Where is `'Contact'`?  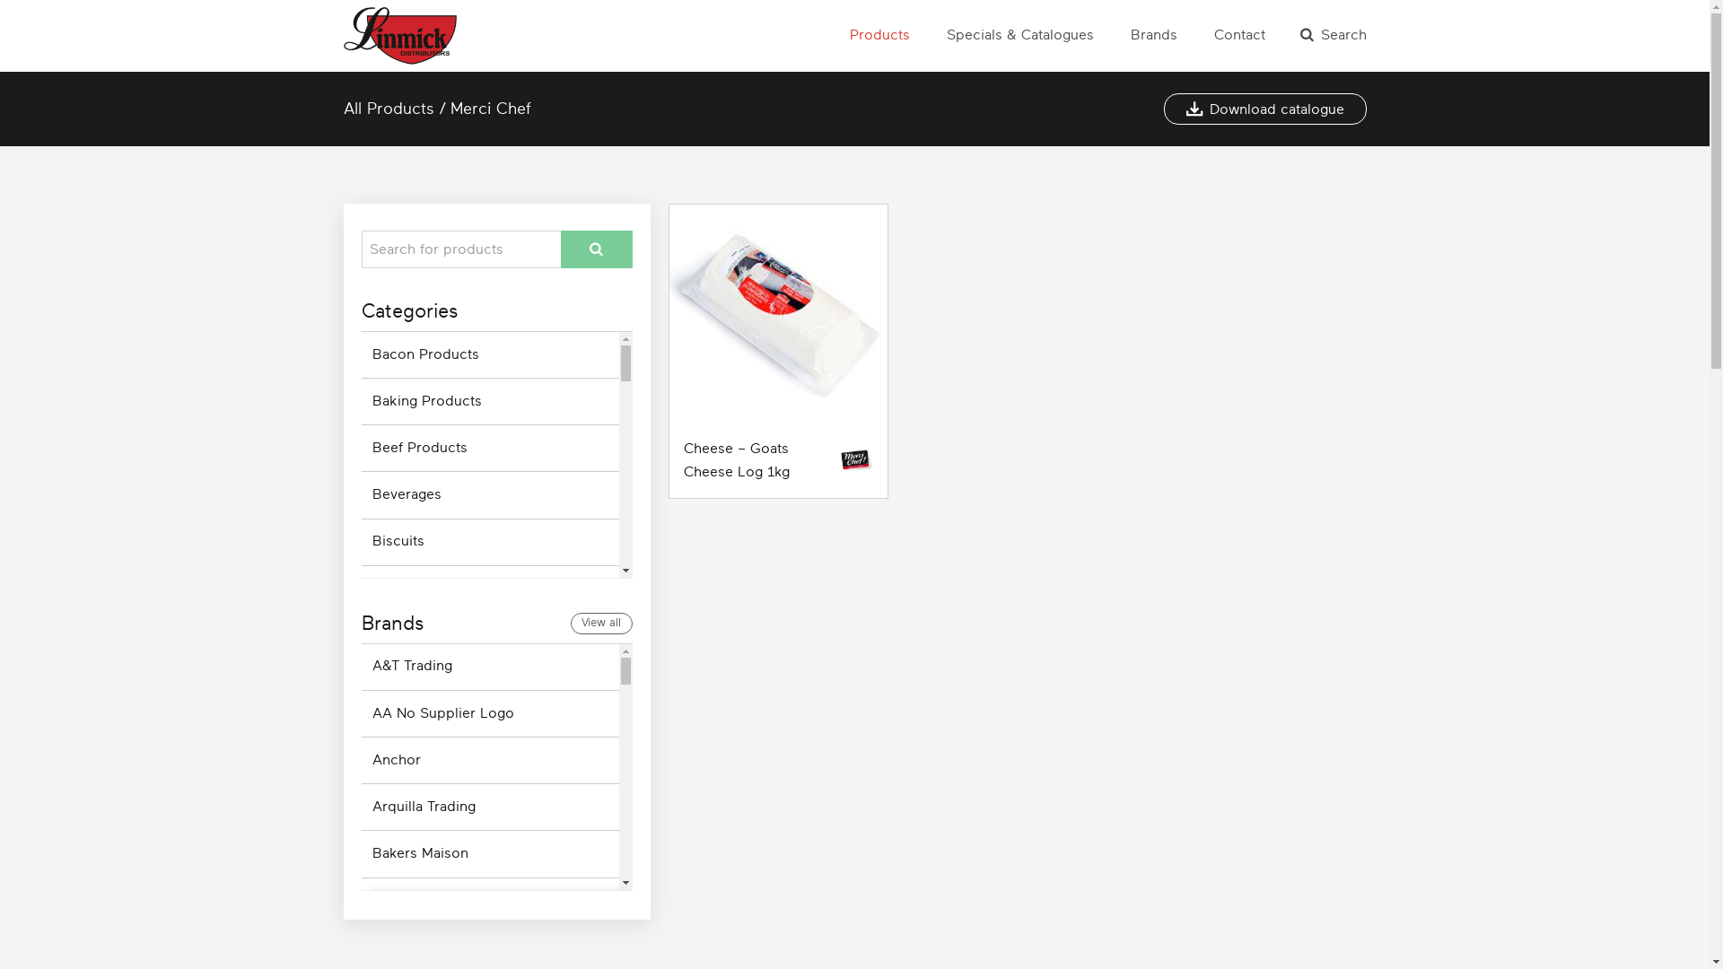 'Contact' is located at coordinates (1238, 35).